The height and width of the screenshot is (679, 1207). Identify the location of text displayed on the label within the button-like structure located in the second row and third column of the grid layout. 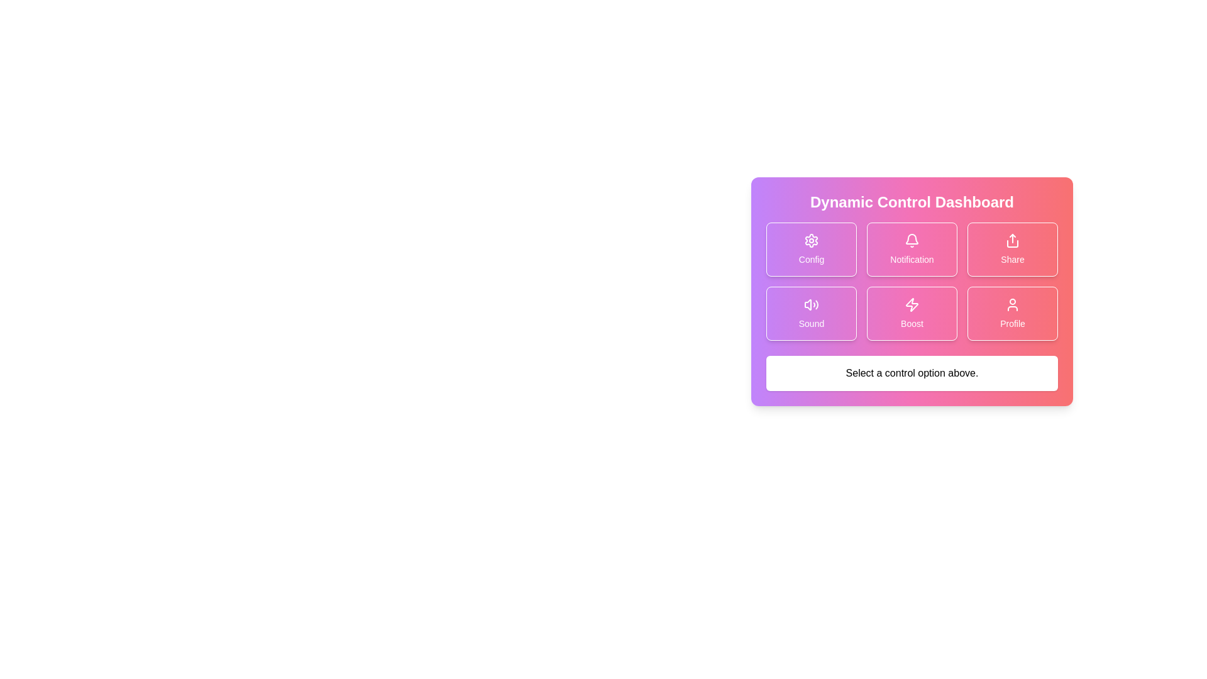
(912, 323).